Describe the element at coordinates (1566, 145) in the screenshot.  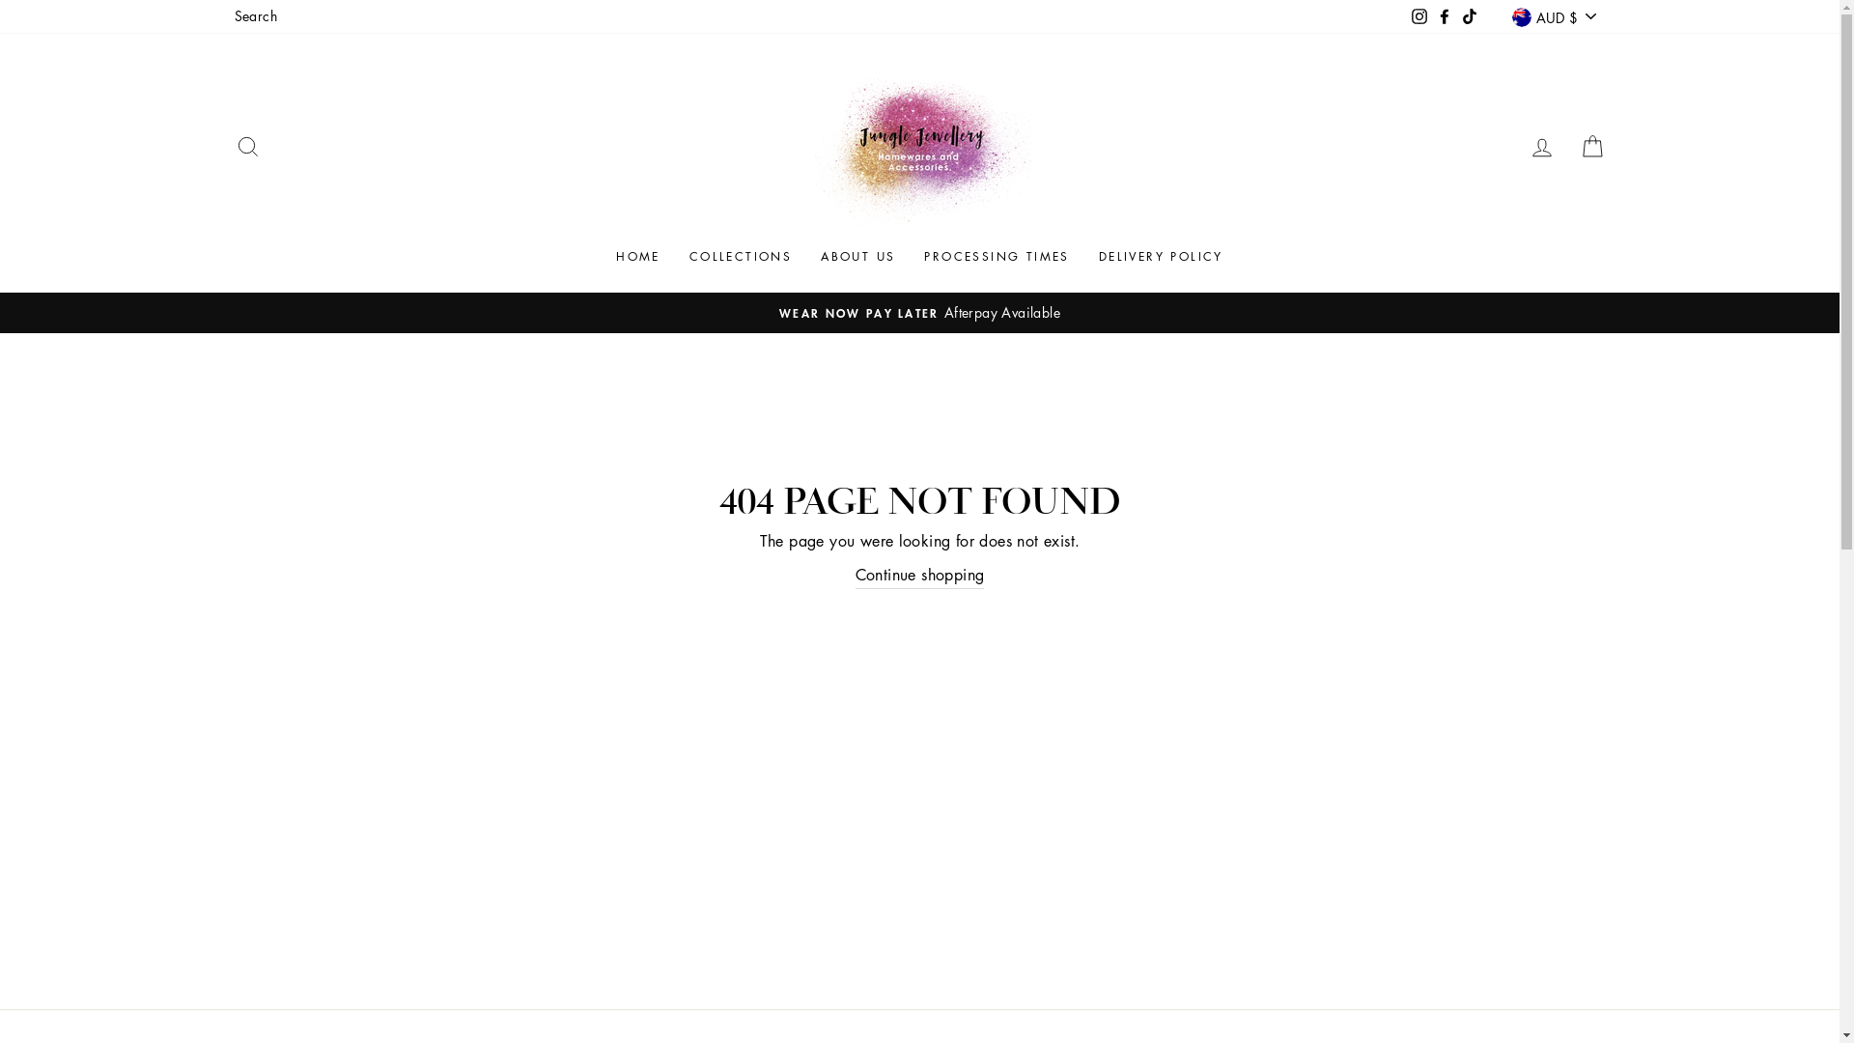
I see `'CART'` at that location.